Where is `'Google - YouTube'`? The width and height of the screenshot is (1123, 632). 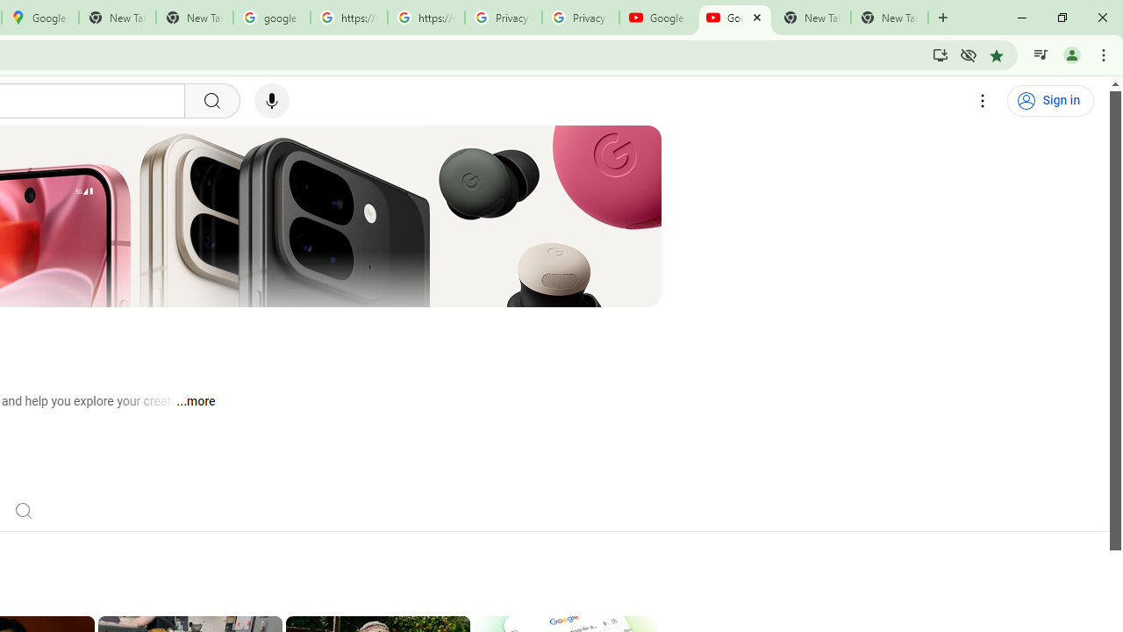
'Google - YouTube' is located at coordinates (734, 18).